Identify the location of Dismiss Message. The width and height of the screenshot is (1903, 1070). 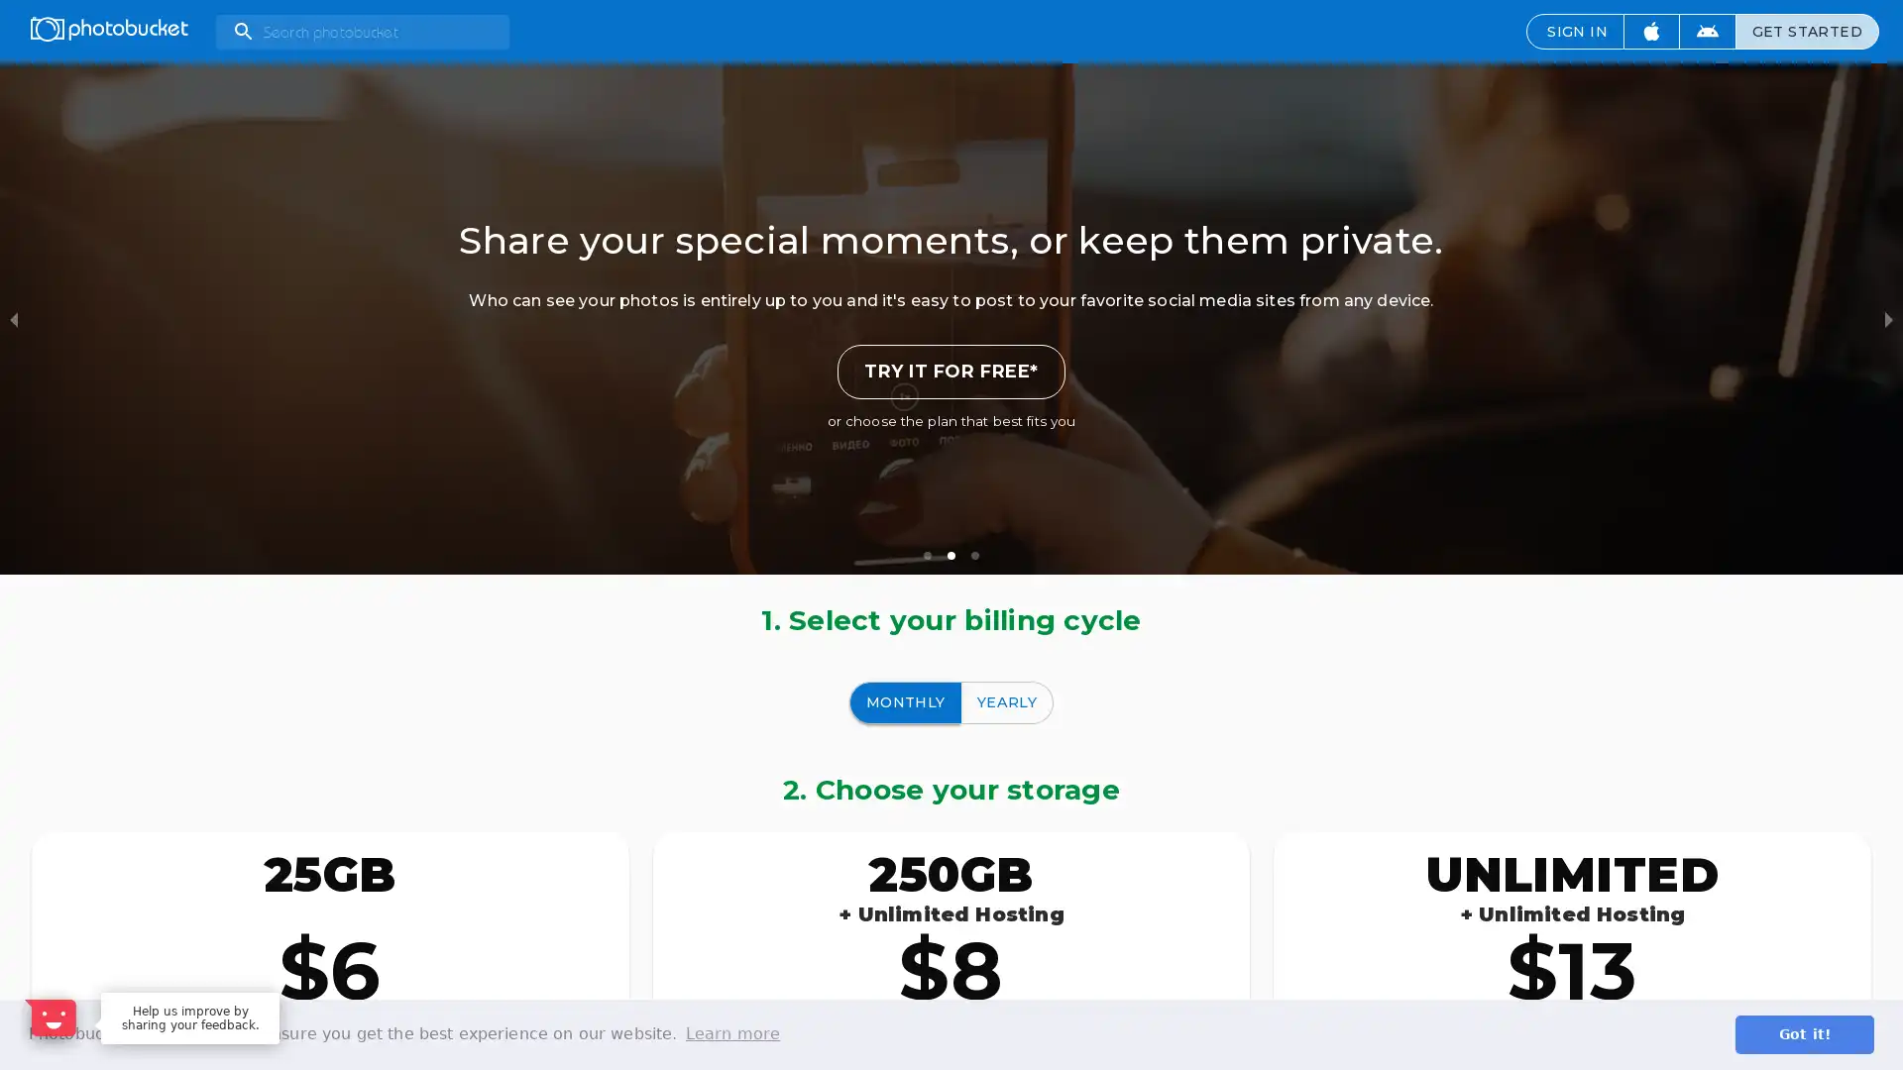
(277, 994).